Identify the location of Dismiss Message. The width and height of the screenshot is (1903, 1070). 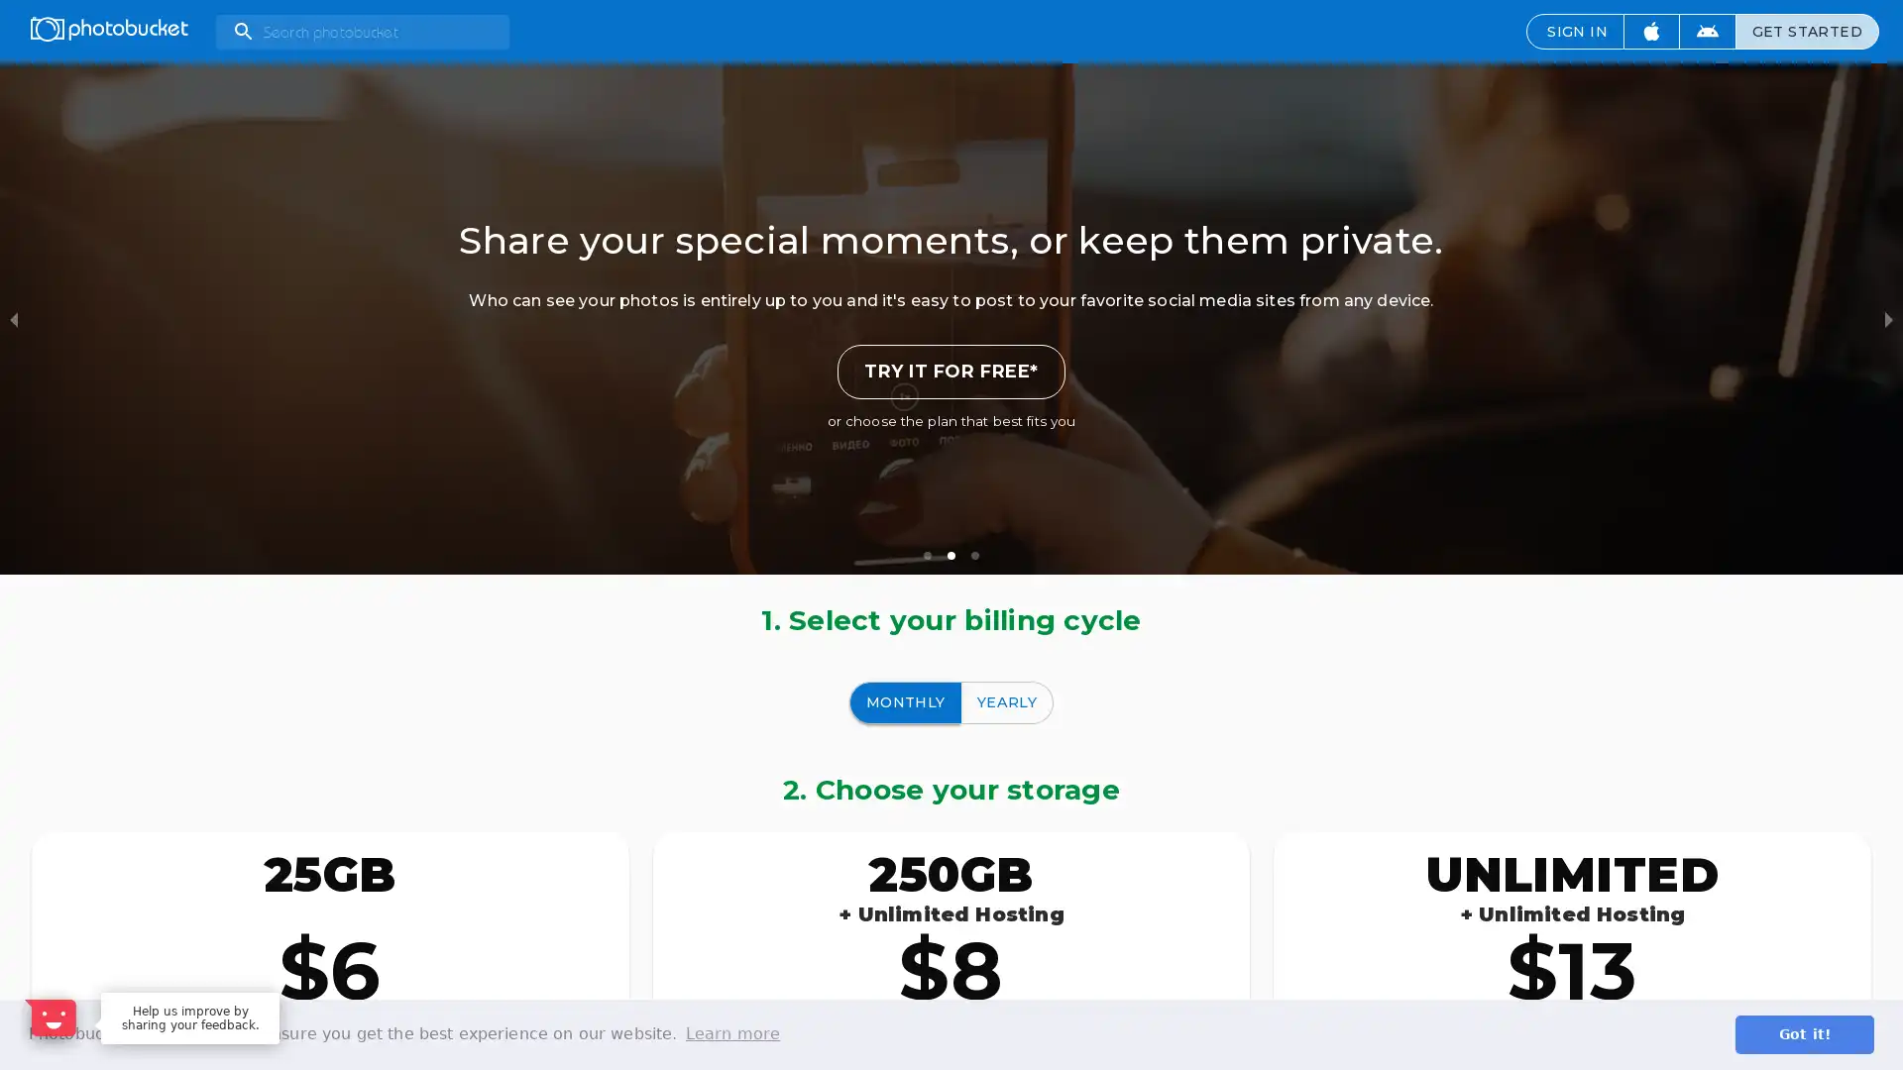
(277, 994).